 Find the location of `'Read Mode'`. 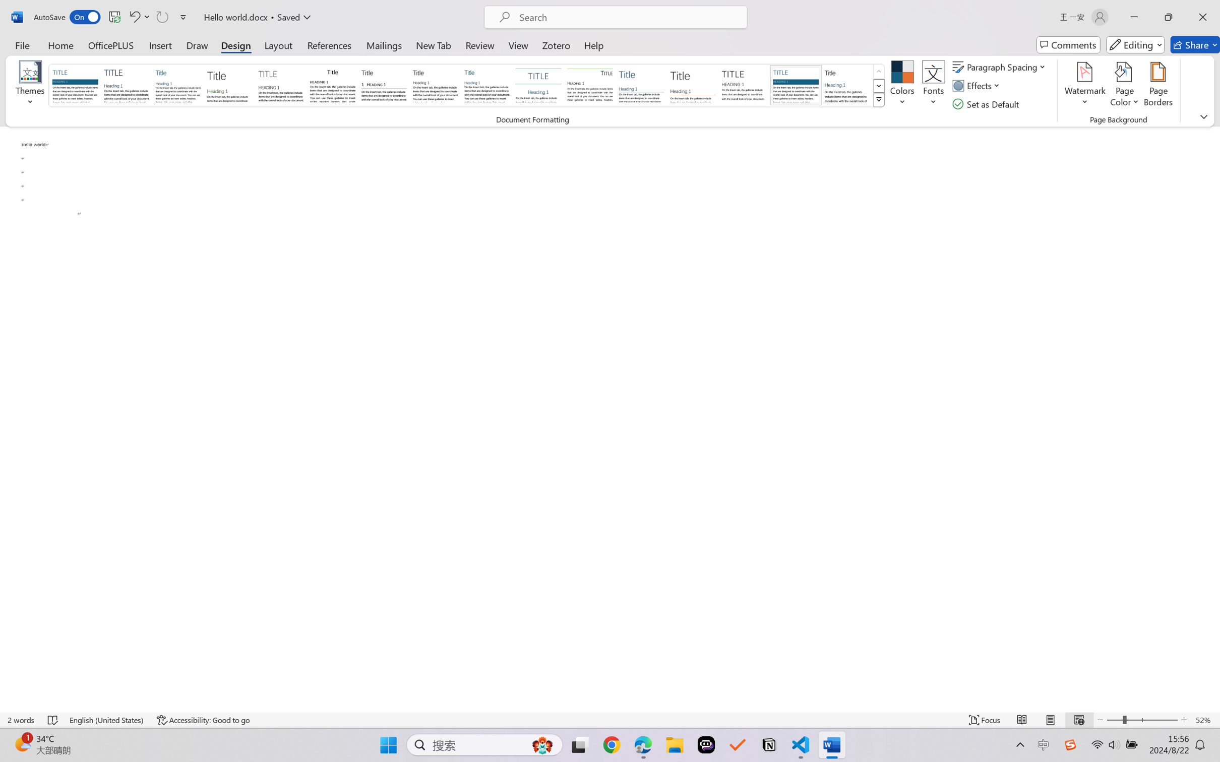

'Read Mode' is located at coordinates (1022, 720).